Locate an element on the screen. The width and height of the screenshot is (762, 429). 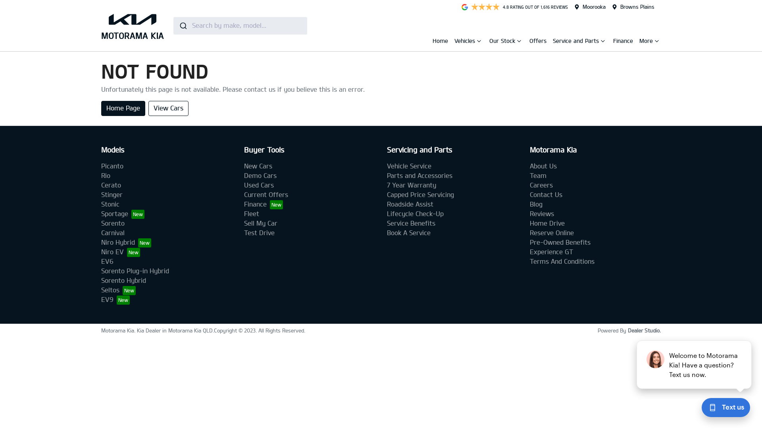
'Cerato' is located at coordinates (110, 185).